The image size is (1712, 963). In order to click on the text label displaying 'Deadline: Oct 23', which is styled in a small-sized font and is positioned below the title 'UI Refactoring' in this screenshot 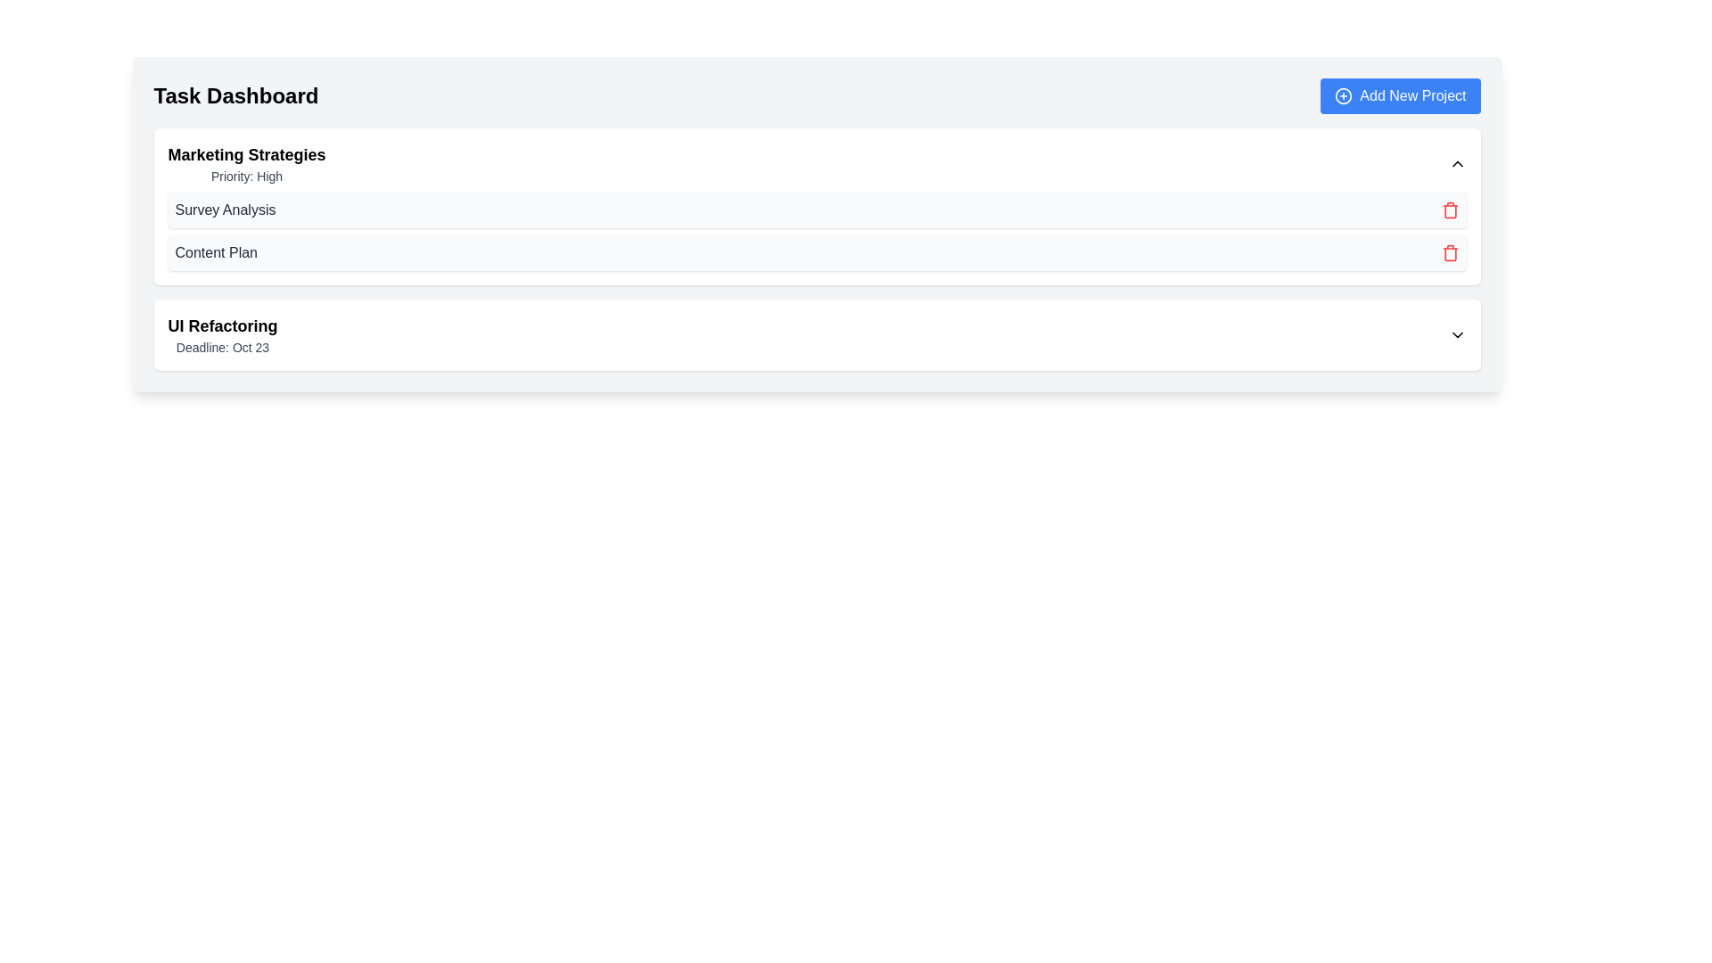, I will do `click(221, 347)`.